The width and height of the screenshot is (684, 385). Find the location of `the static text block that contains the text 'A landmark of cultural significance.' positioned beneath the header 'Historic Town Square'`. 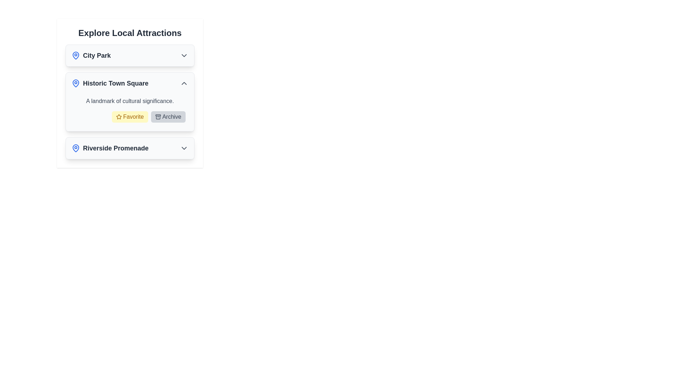

the static text block that contains the text 'A landmark of cultural significance.' positioned beneath the header 'Historic Town Square' is located at coordinates (130, 101).